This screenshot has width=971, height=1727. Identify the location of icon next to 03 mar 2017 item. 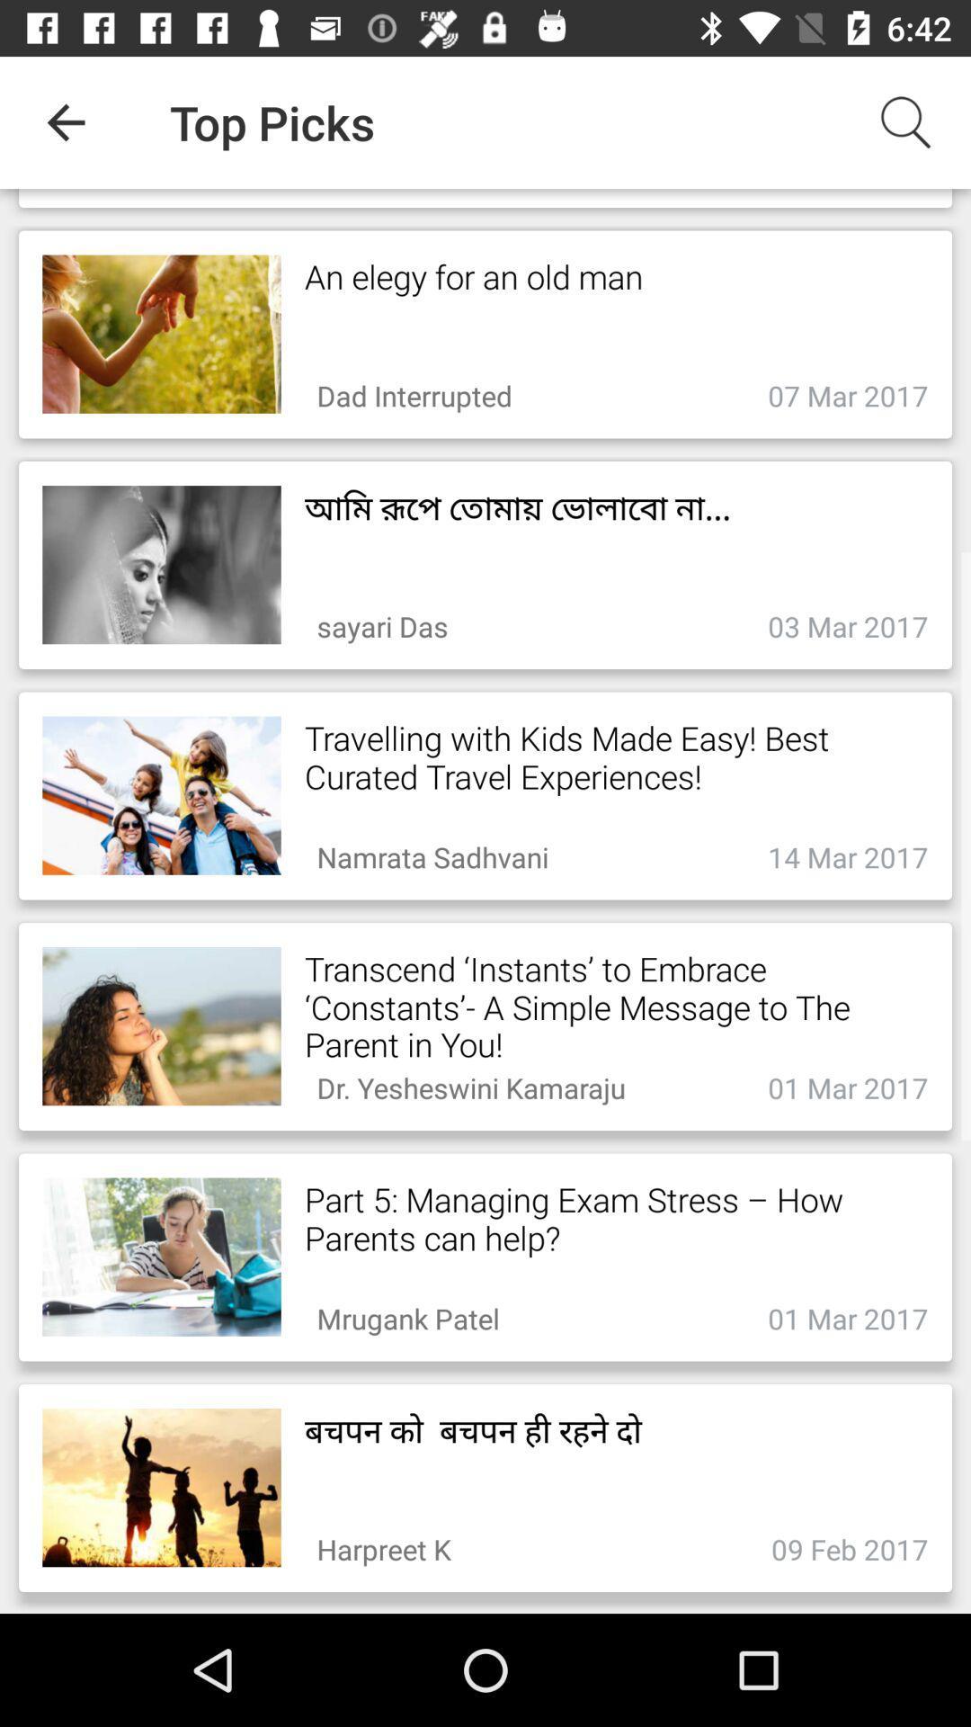
(381, 622).